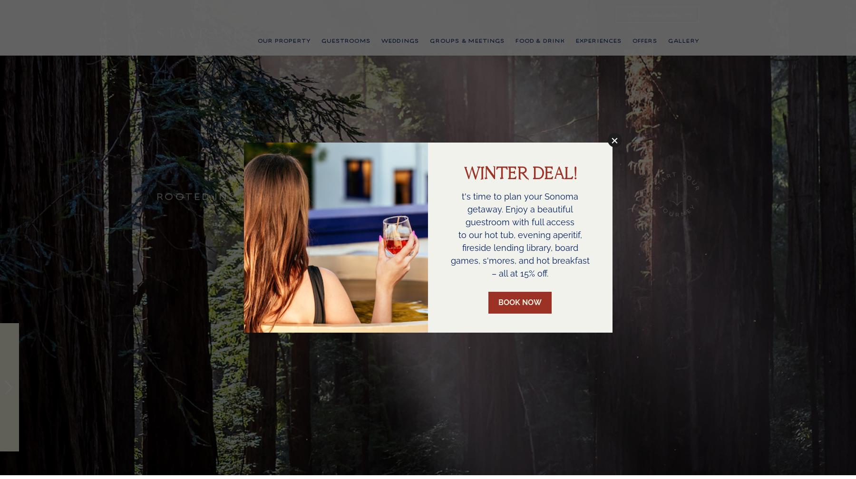 The image size is (856, 479). I want to click on 'Groups & Meetings', so click(467, 53).